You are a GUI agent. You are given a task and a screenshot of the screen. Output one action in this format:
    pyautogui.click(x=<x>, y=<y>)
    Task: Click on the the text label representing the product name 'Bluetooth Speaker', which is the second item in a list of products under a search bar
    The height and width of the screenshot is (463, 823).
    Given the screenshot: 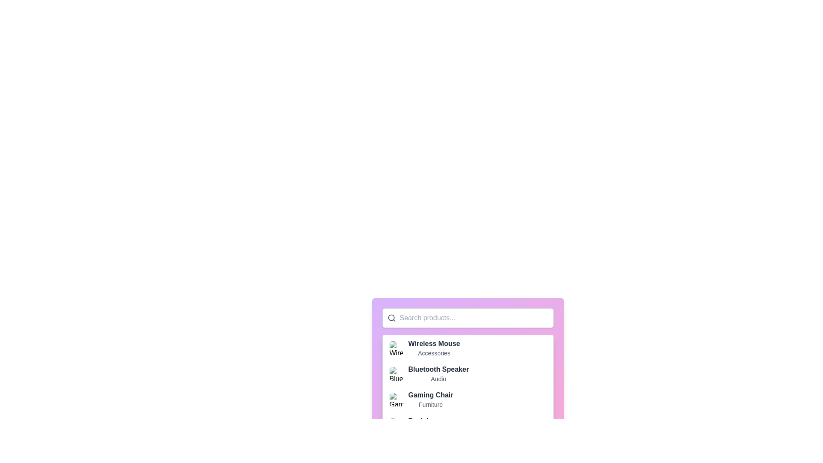 What is the action you would take?
    pyautogui.click(x=439, y=369)
    